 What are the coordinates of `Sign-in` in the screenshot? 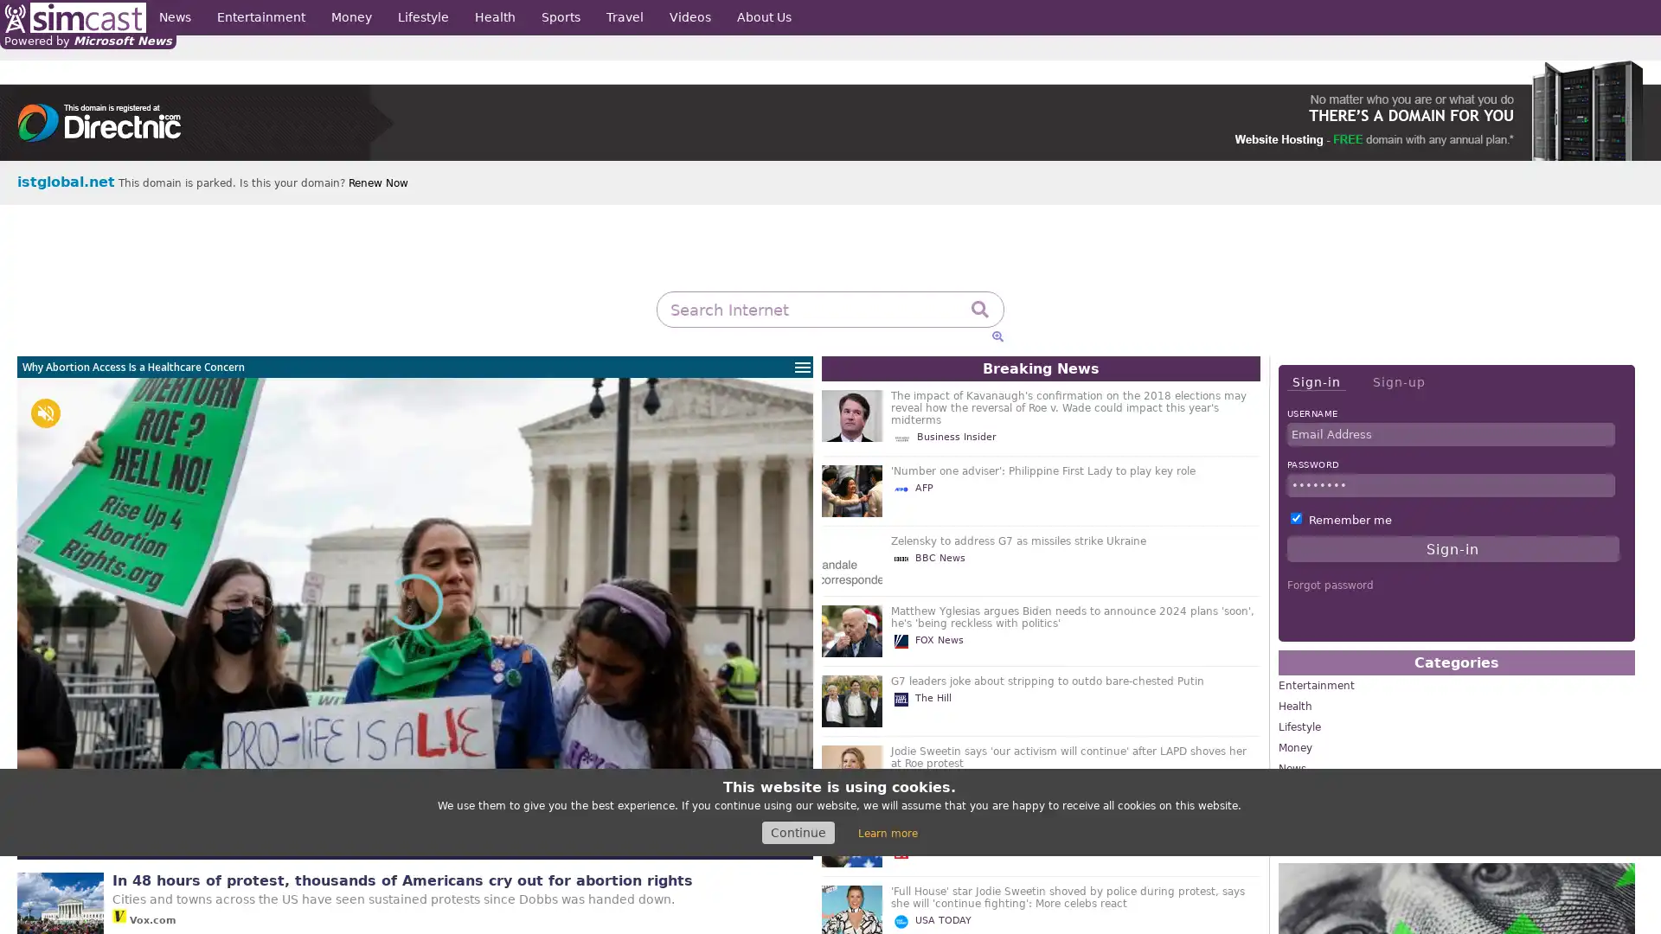 It's located at (1315, 381).